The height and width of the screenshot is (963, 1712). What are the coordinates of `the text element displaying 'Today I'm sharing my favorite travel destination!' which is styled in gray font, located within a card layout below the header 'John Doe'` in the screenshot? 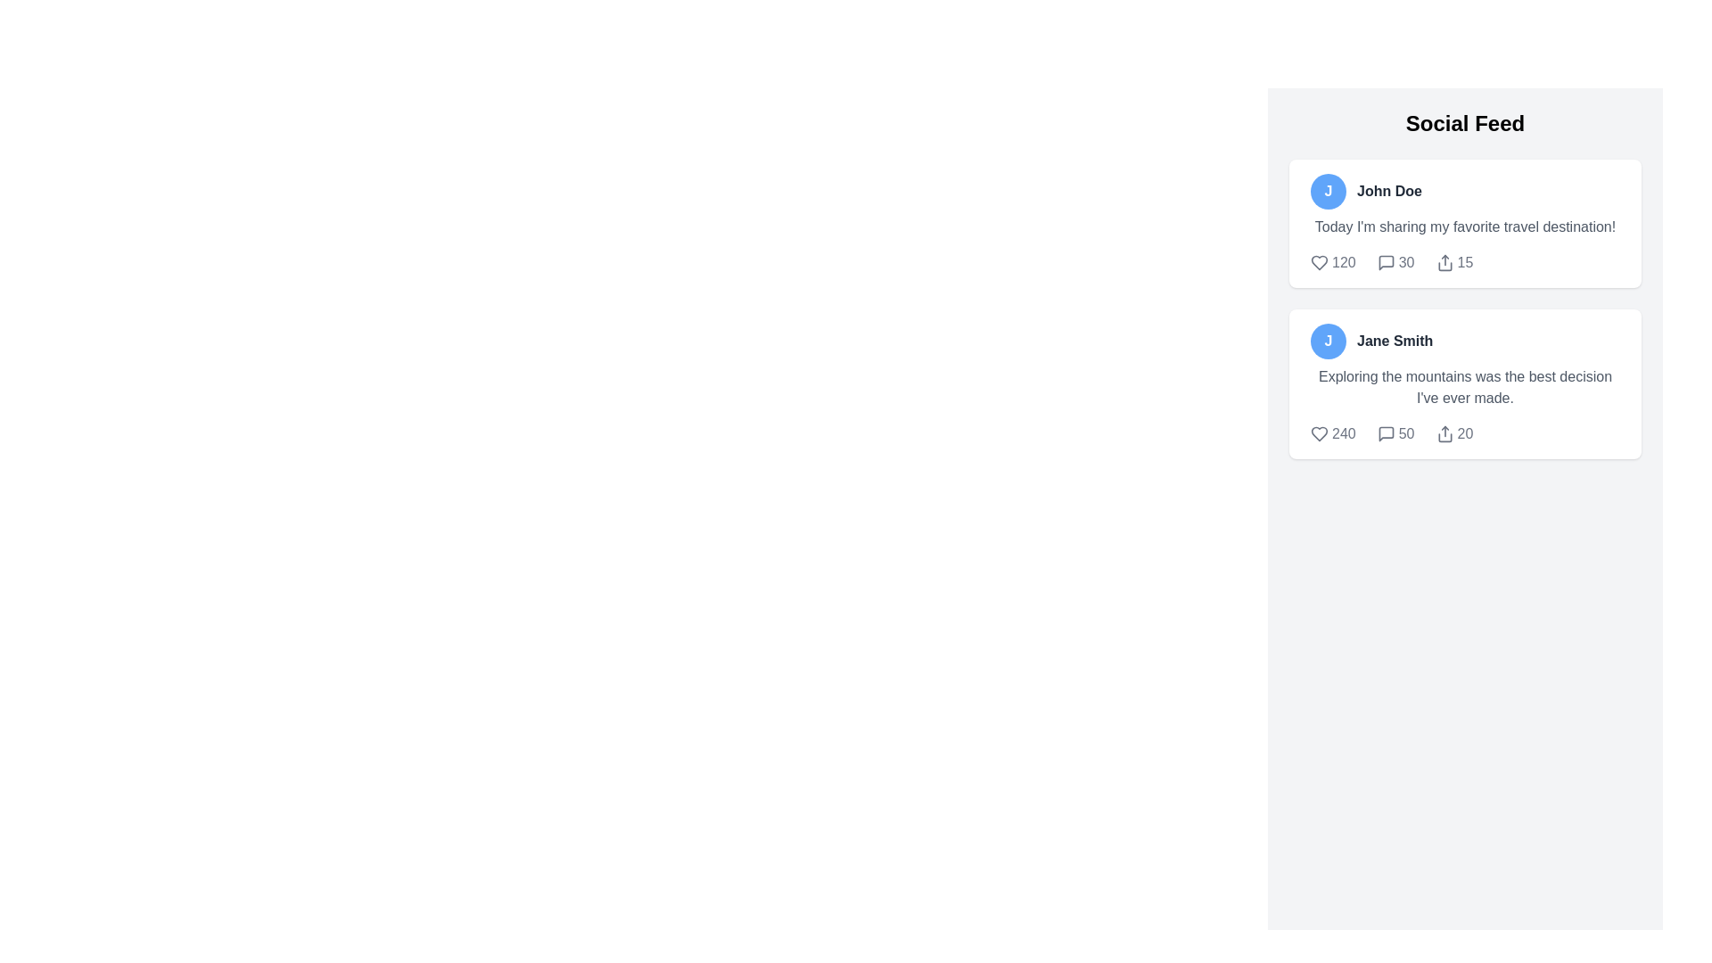 It's located at (1465, 226).